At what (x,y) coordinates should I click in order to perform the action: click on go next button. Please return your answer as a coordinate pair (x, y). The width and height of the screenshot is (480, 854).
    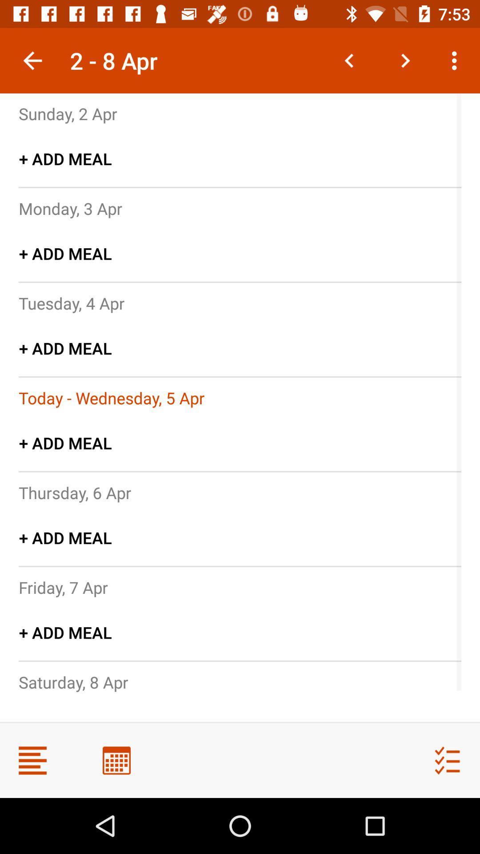
    Looking at the image, I should click on (405, 60).